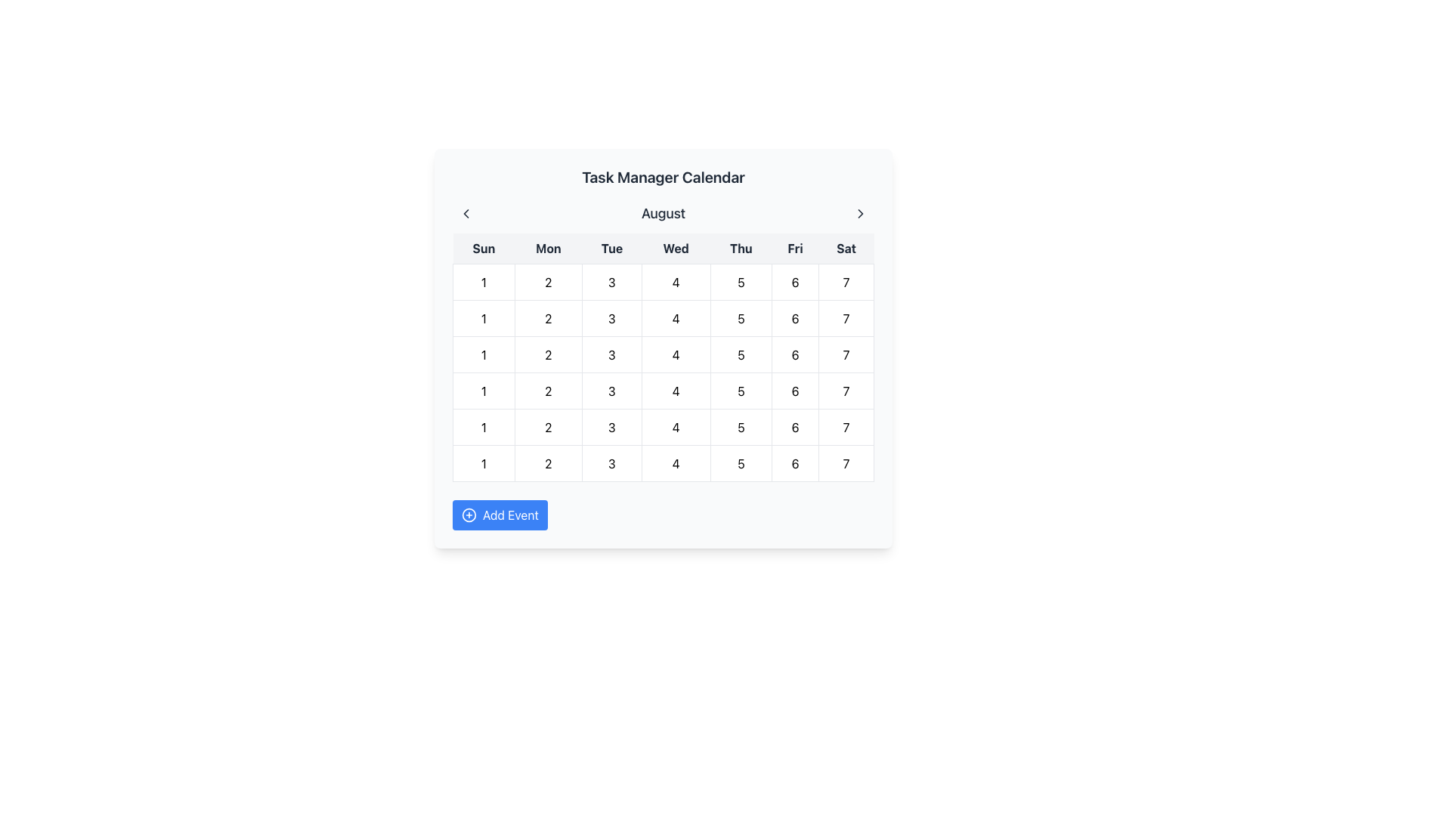 The width and height of the screenshot is (1451, 816). I want to click on the grid cell displaying the number '7' located in the Saturday column of the calendar grid, positioned at the bottom-right corner, so click(846, 427).